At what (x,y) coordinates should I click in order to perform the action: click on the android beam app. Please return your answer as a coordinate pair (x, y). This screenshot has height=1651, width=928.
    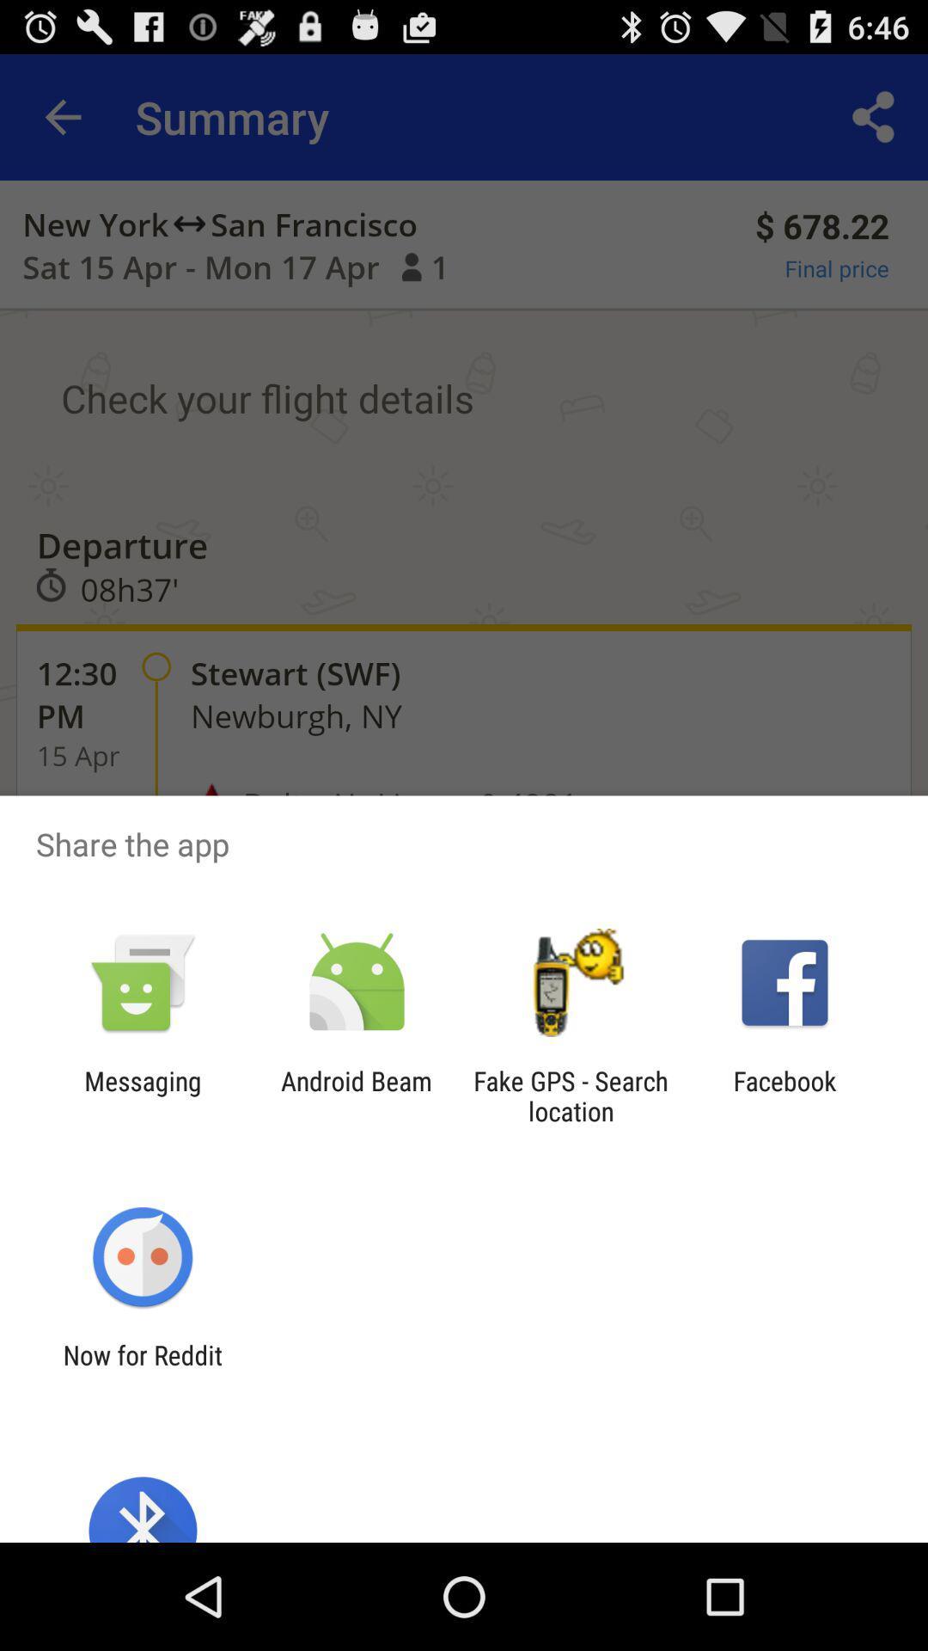
    Looking at the image, I should click on (356, 1096).